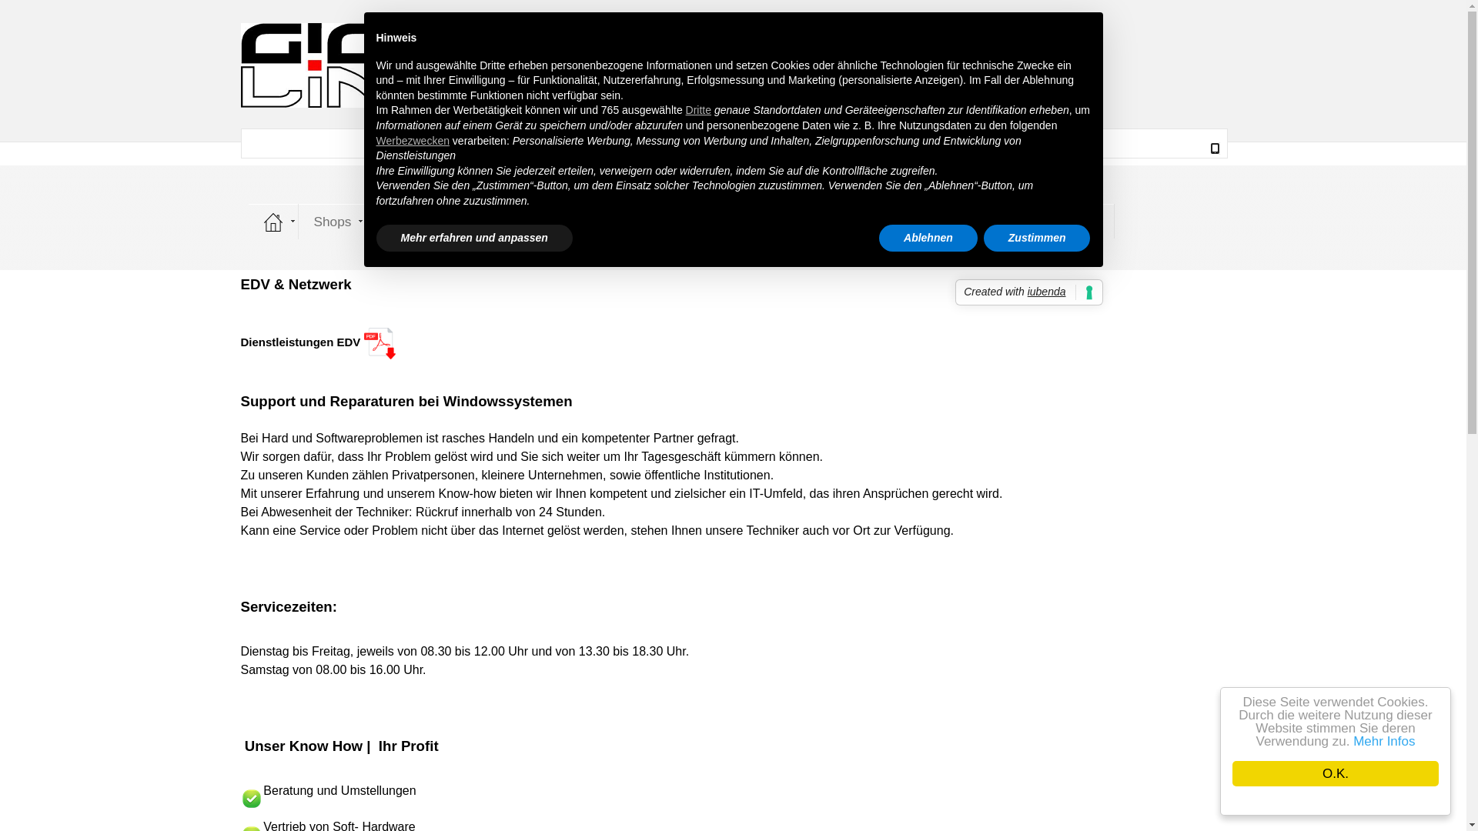 Image resolution: width=1478 pixels, height=831 pixels. I want to click on 'Ablehnen', so click(927, 238).